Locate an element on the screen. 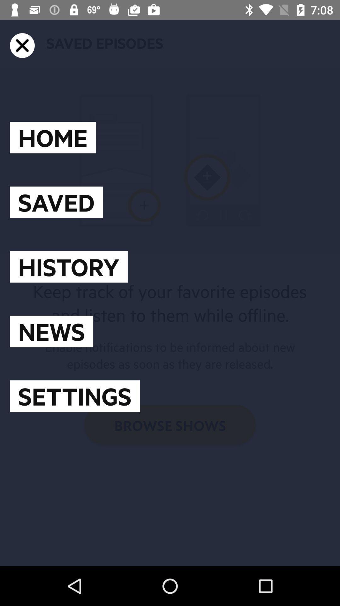 The height and width of the screenshot is (606, 340). the icon below the saved item is located at coordinates (69, 267).